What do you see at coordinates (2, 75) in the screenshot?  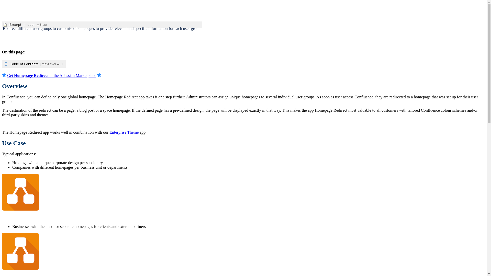 I see `'(blue star)'` at bounding box center [2, 75].